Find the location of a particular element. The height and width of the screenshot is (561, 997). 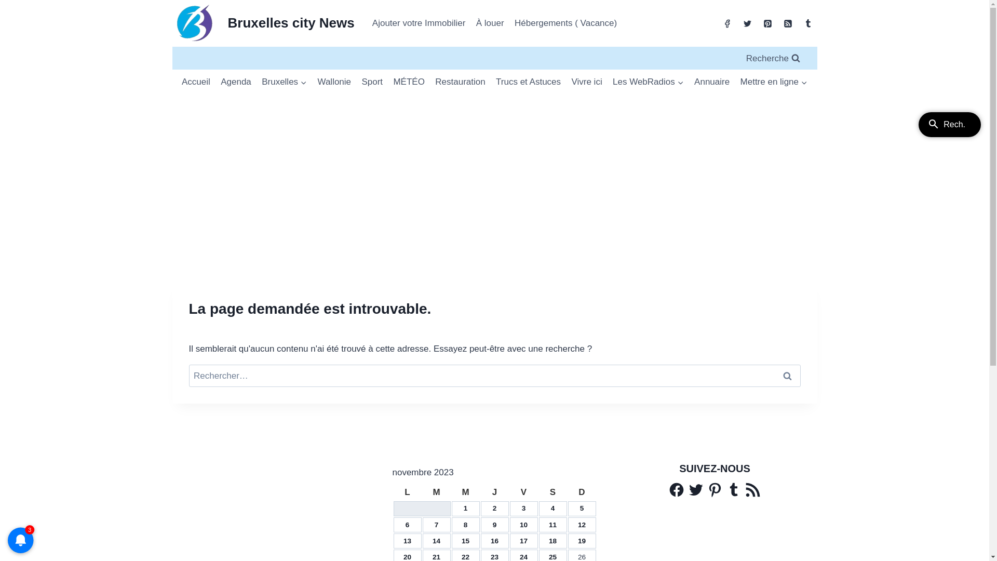

'14' is located at coordinates (433, 540).